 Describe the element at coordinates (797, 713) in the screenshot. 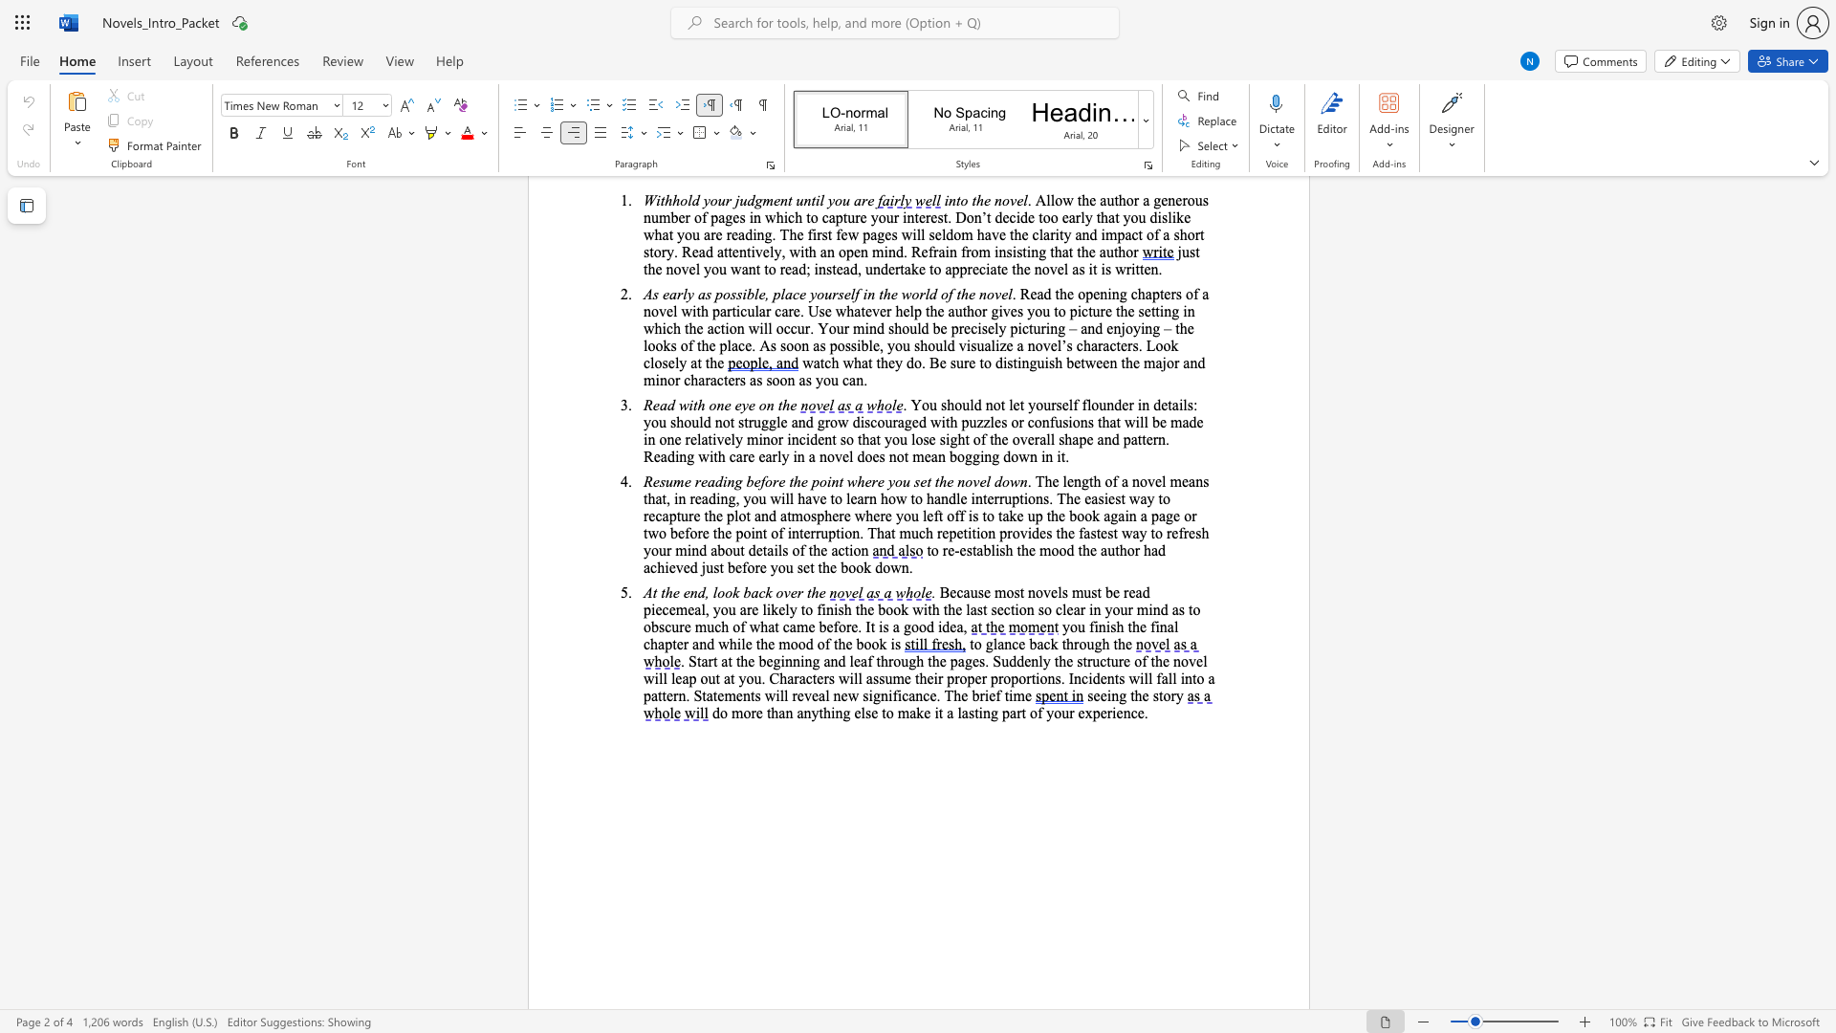

I see `the subset text "anything else to make it a lasting part of" within the text "do more than anything else to make it a lasting part of your experience."` at that location.